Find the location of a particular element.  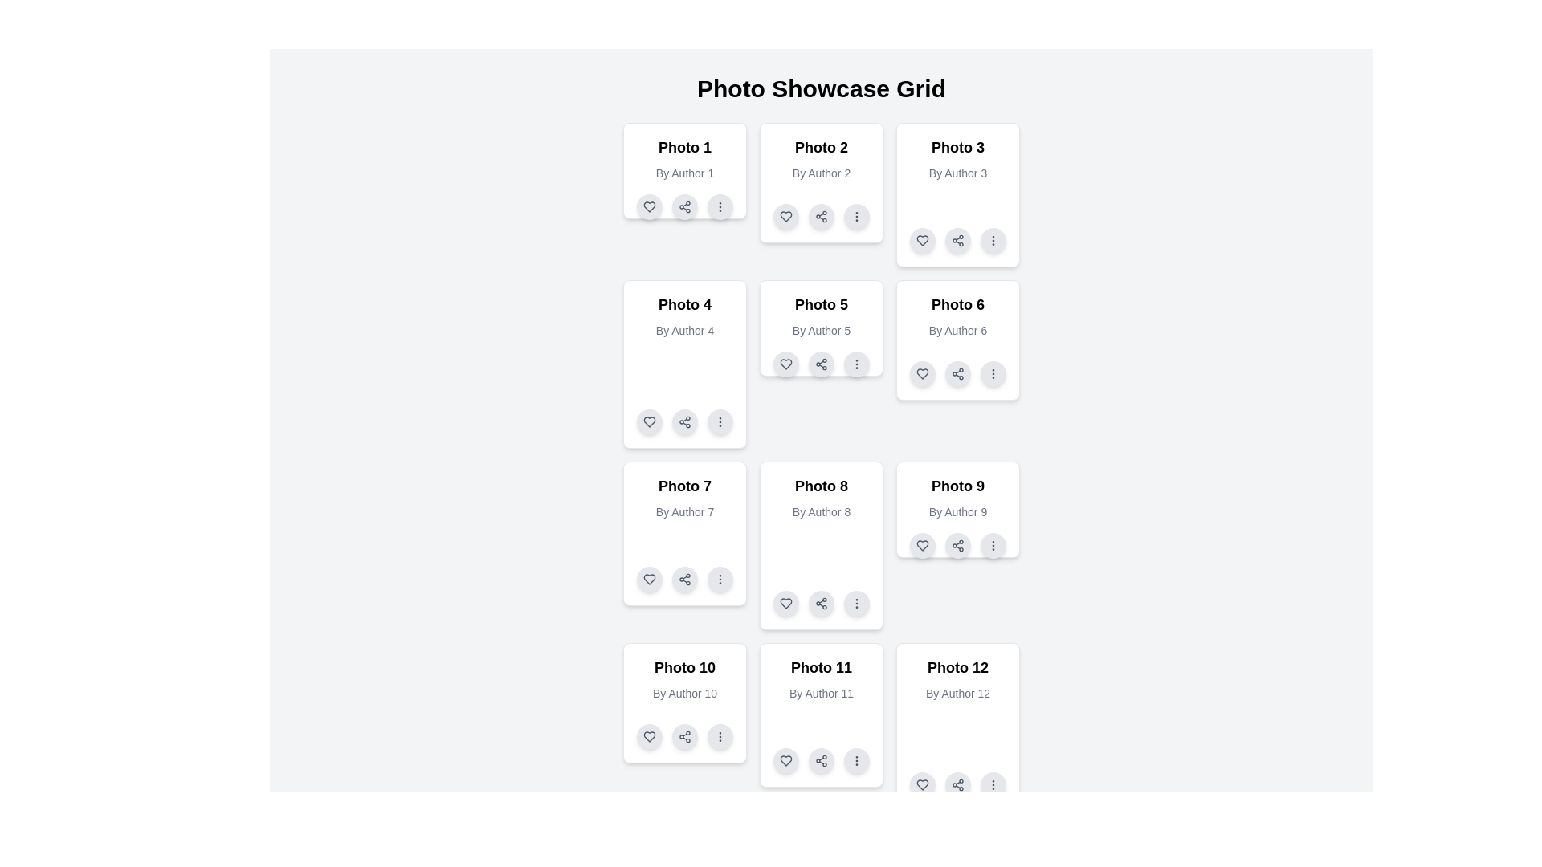

the text label displaying 'Photo 6', which is styled with bold and larger font size and is positioned at the top of the card layout for 'Photo 6 By Author 6' is located at coordinates (958, 305).